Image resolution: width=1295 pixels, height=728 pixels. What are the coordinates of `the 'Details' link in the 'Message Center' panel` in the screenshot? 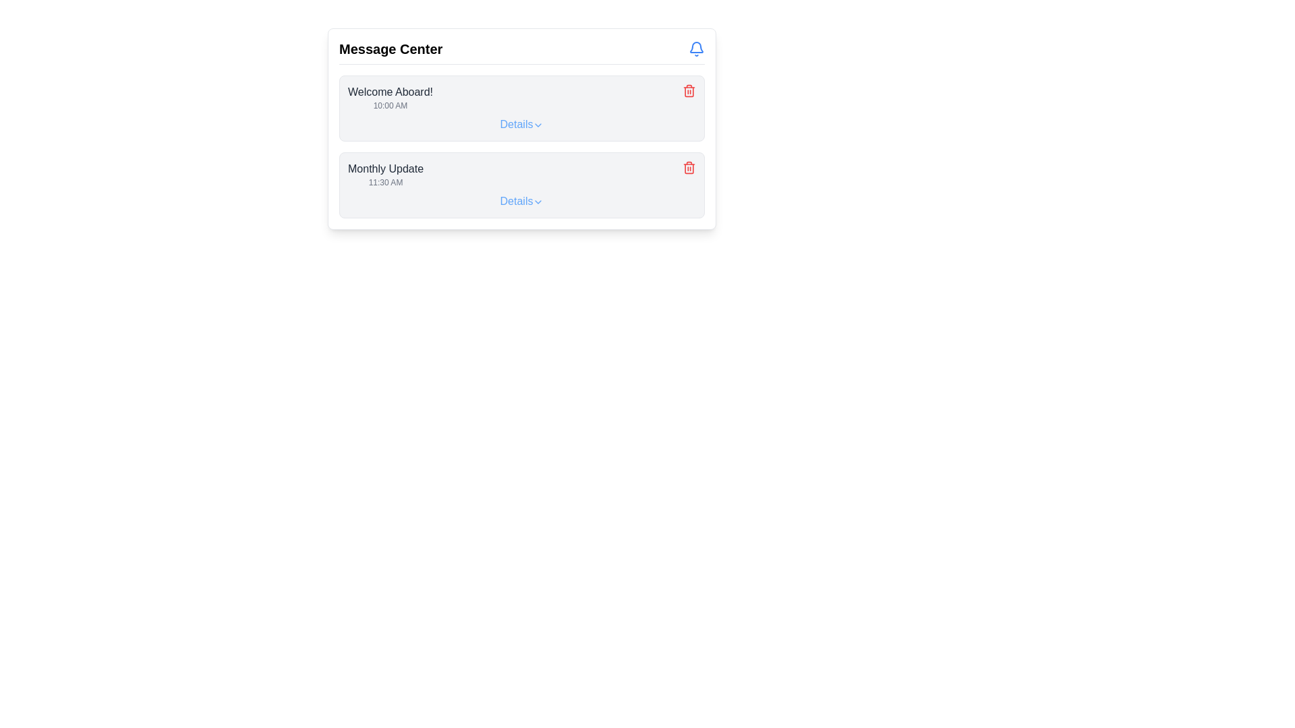 It's located at (521, 129).